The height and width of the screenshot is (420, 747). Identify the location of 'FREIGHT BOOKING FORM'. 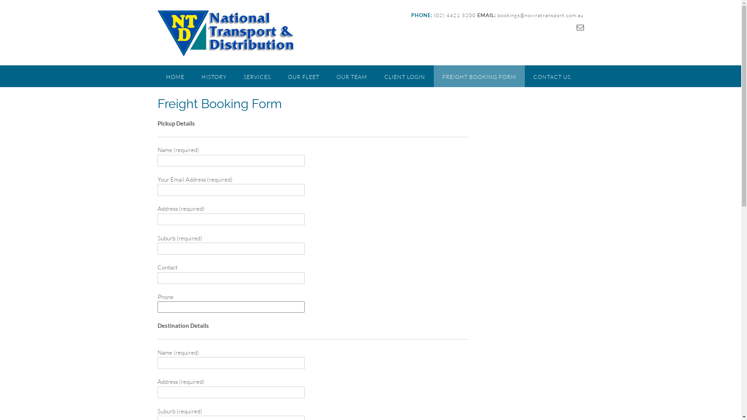
(433, 76).